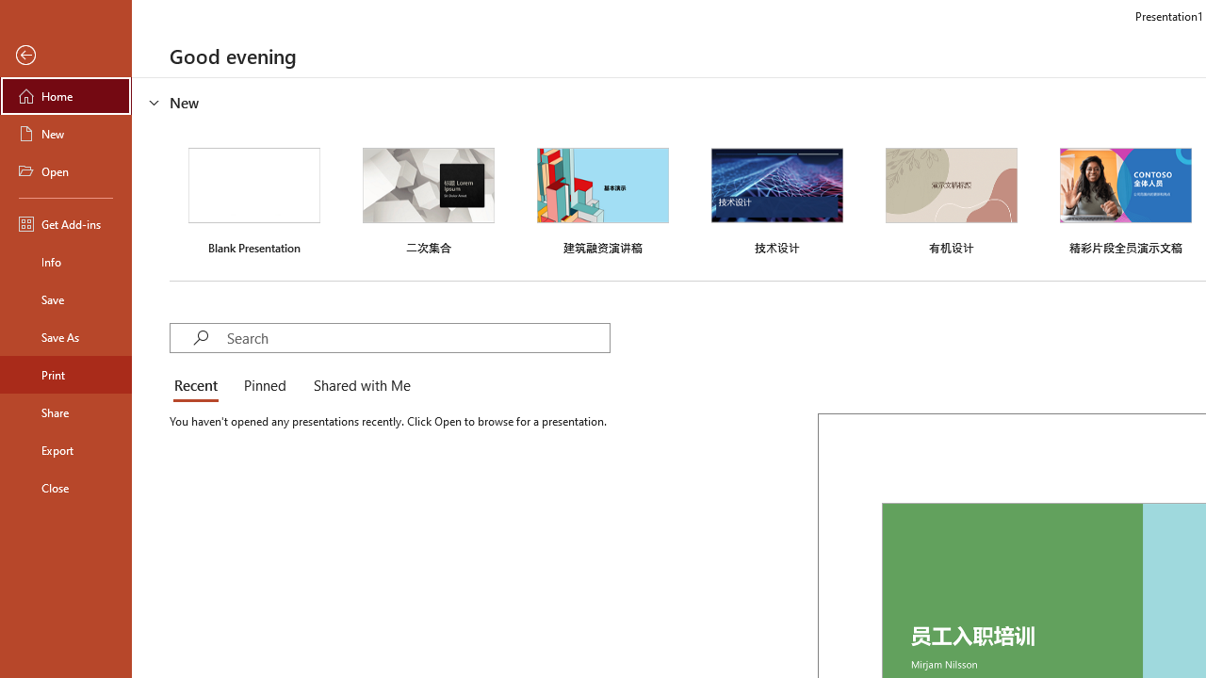 This screenshot has width=1206, height=678. I want to click on 'Pinned', so click(263, 386).